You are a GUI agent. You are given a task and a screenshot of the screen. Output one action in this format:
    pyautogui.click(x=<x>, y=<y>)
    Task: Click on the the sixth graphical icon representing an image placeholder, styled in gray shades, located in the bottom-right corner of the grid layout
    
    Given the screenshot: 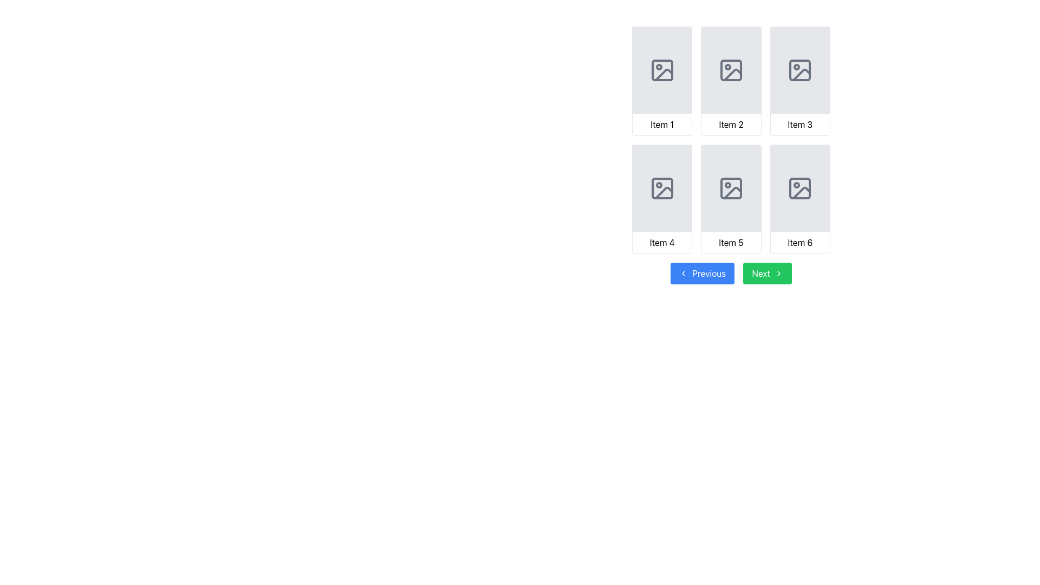 What is the action you would take?
    pyautogui.click(x=800, y=187)
    